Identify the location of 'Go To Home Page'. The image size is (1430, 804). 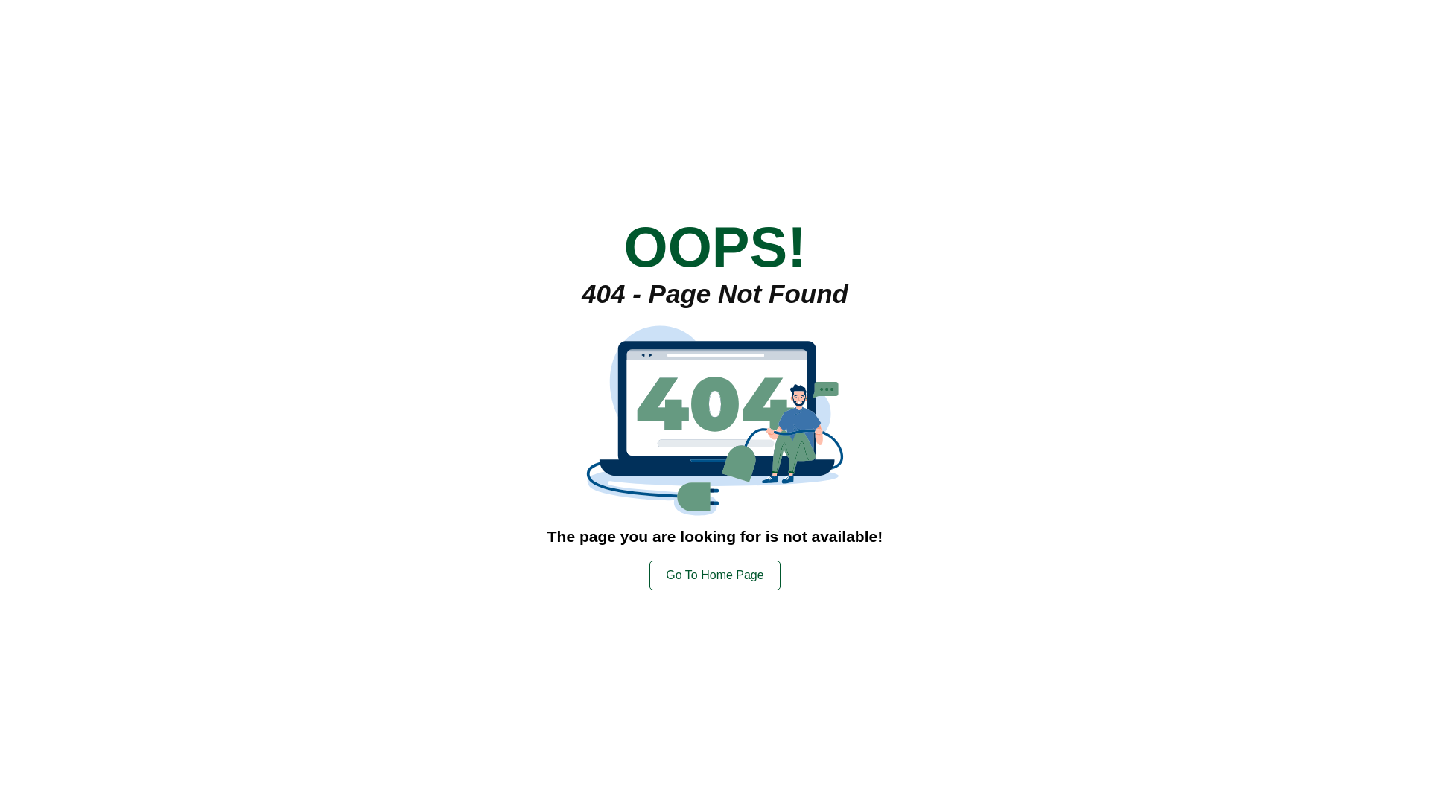
(714, 573).